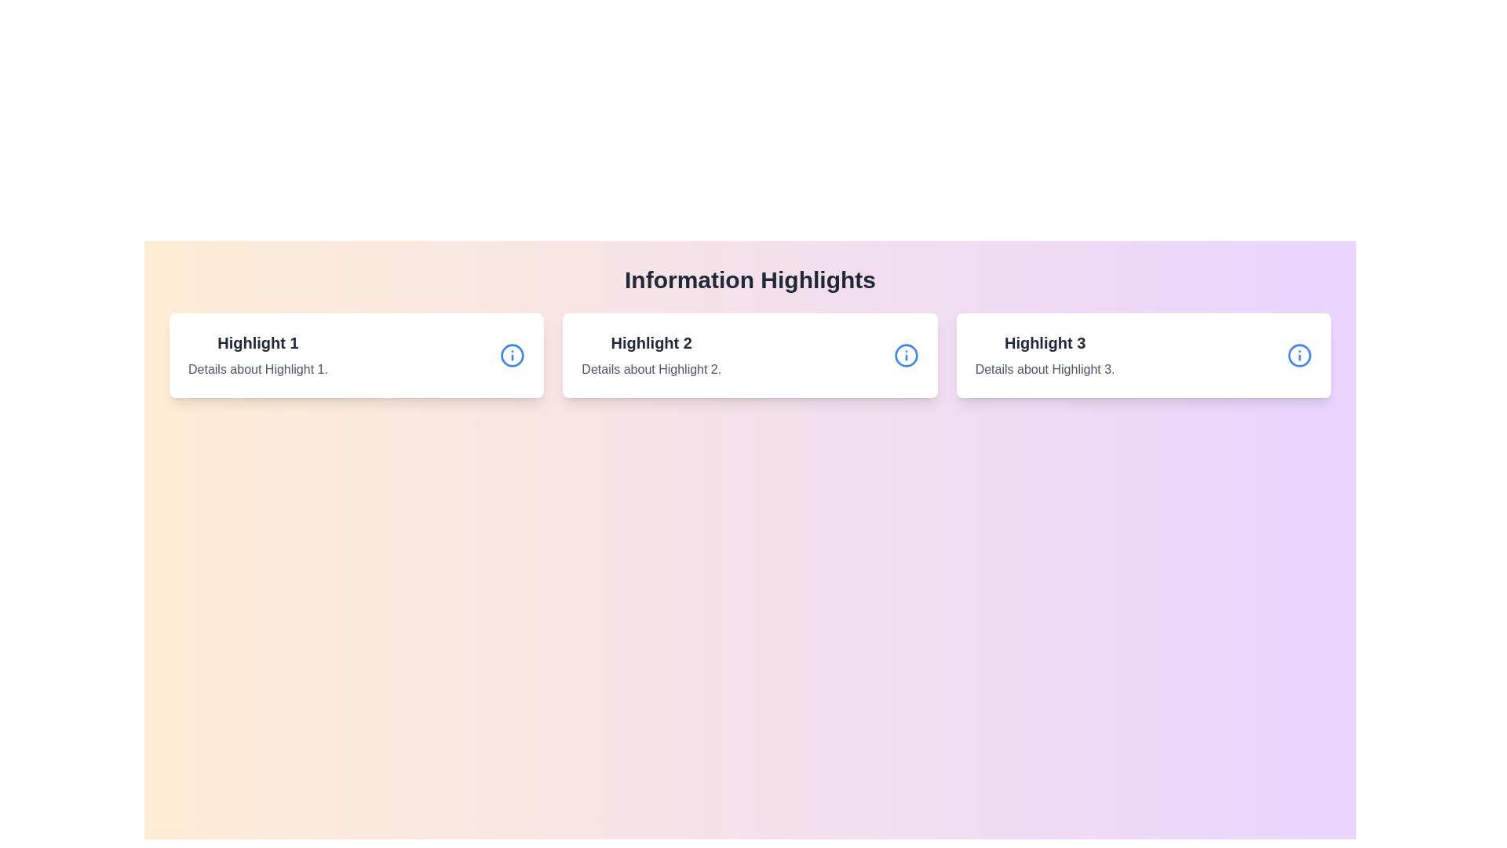  Describe the element at coordinates (1045, 342) in the screenshot. I see `text of the bold label titled 'Highlight 3' located at the top of the third card in a row of three cards` at that location.